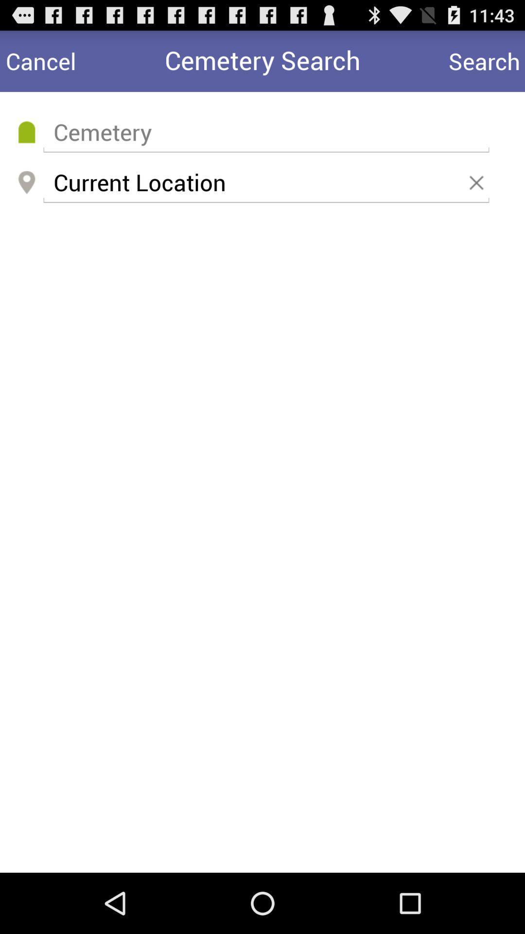  Describe the element at coordinates (478, 195) in the screenshot. I see `the close icon` at that location.